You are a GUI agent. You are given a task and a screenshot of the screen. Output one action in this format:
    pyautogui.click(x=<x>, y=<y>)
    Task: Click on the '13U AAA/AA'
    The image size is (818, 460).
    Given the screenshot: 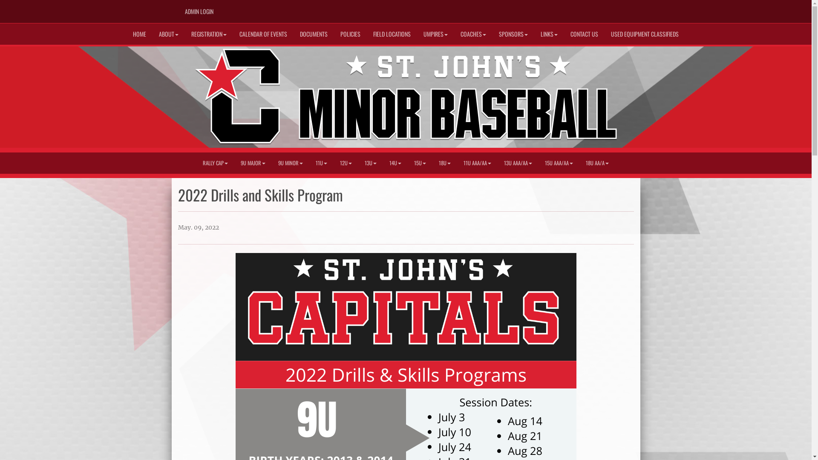 What is the action you would take?
    pyautogui.click(x=517, y=163)
    